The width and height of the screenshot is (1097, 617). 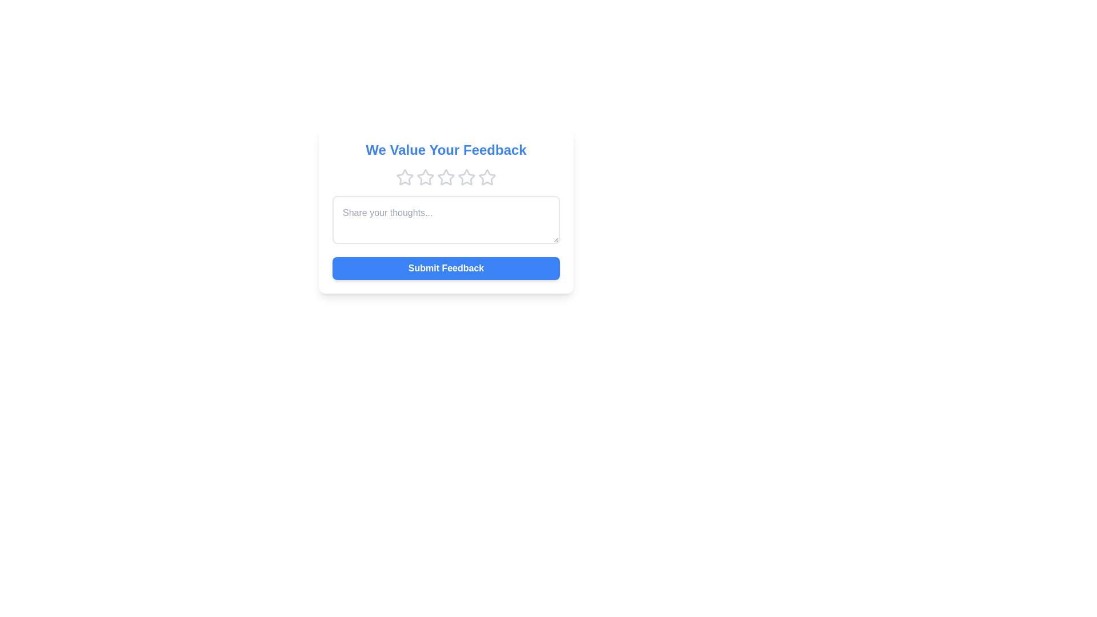 I want to click on the star corresponding to the desired rating 4, so click(x=466, y=178).